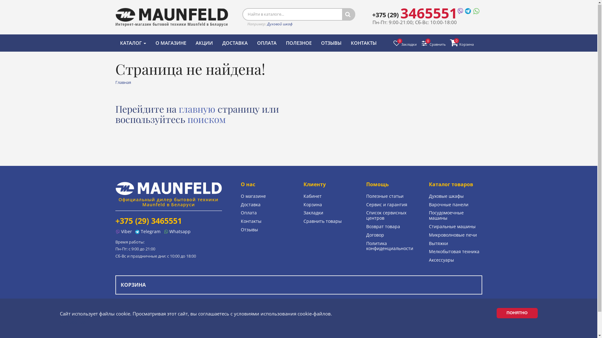 The width and height of the screenshot is (602, 338). What do you see at coordinates (177, 232) in the screenshot?
I see `'Whatsapp'` at bounding box center [177, 232].